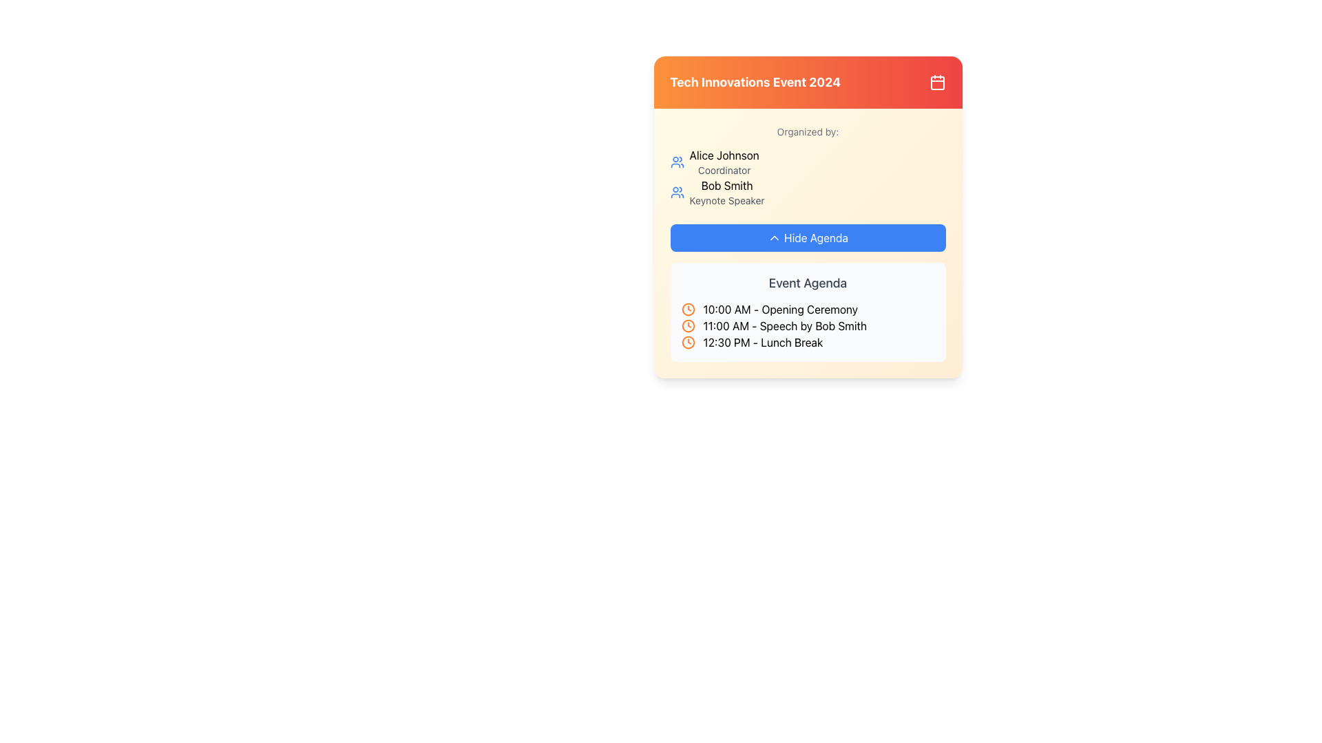 Image resolution: width=1322 pixels, height=743 pixels. Describe the element at coordinates (808, 132) in the screenshot. I see `text label that serves as a header for the 'Tech Innovations Event 2024', indicating the list of individuals responsible for organizing the event` at that location.